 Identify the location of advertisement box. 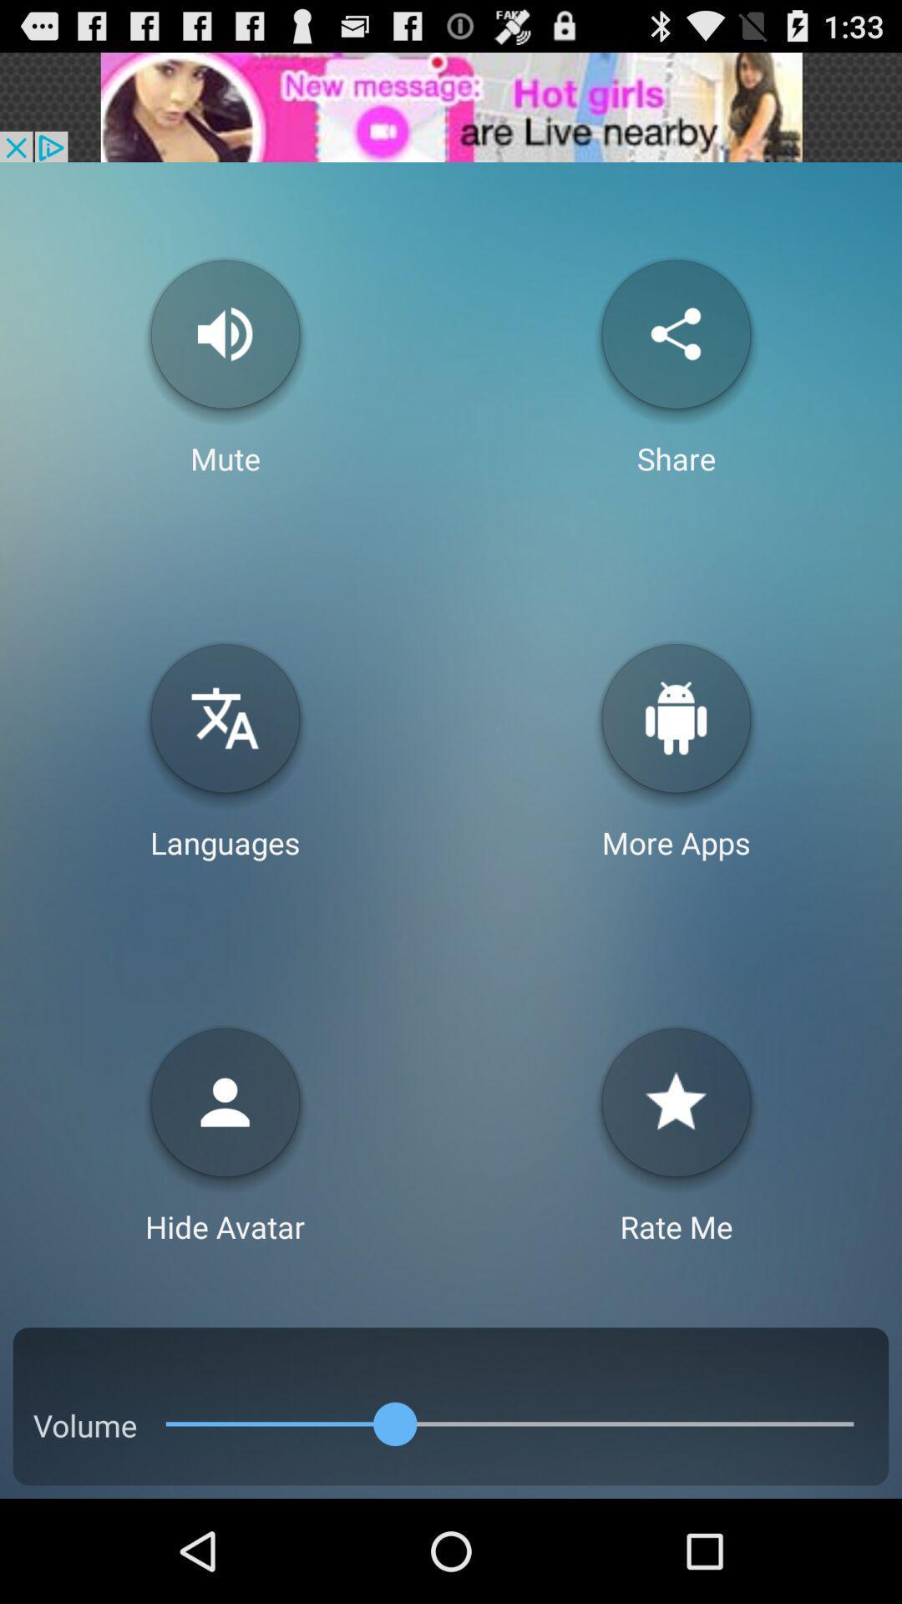
(451, 106).